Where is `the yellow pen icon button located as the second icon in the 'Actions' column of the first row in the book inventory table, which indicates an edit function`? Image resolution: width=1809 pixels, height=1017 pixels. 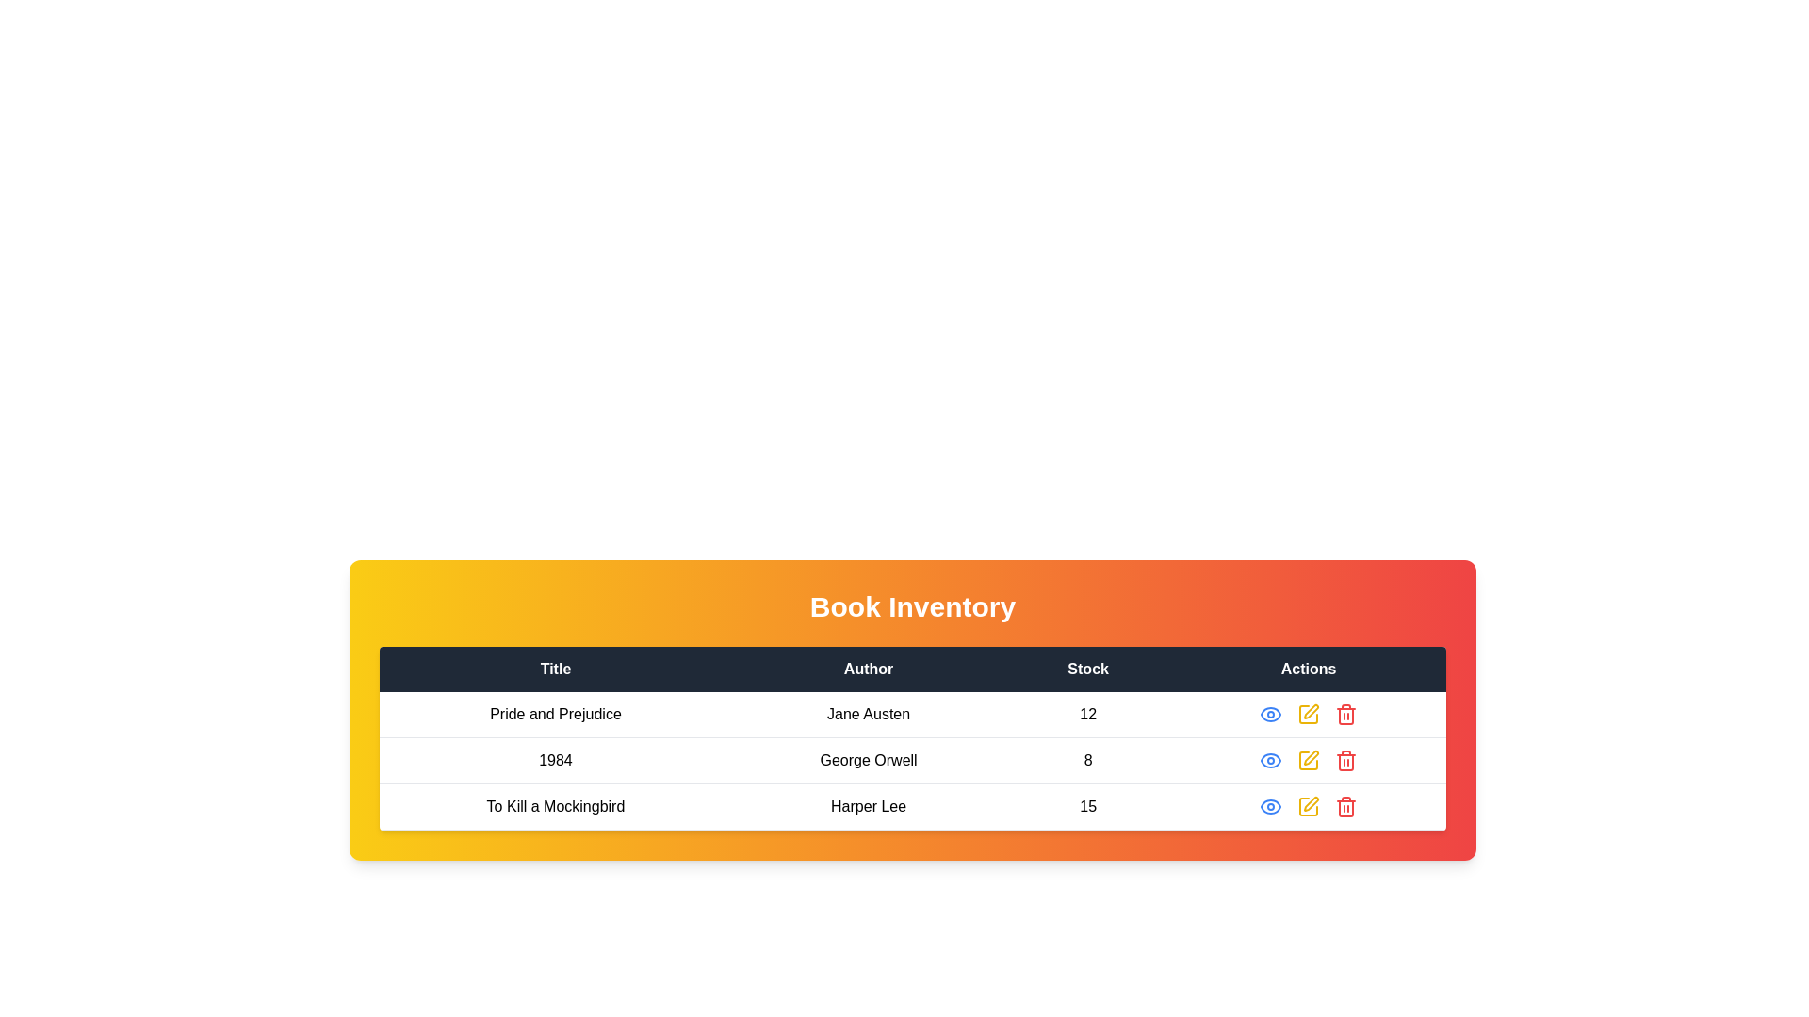
the yellow pen icon button located as the second icon in the 'Actions' column of the first row in the book inventory table, which indicates an edit function is located at coordinates (1308, 715).